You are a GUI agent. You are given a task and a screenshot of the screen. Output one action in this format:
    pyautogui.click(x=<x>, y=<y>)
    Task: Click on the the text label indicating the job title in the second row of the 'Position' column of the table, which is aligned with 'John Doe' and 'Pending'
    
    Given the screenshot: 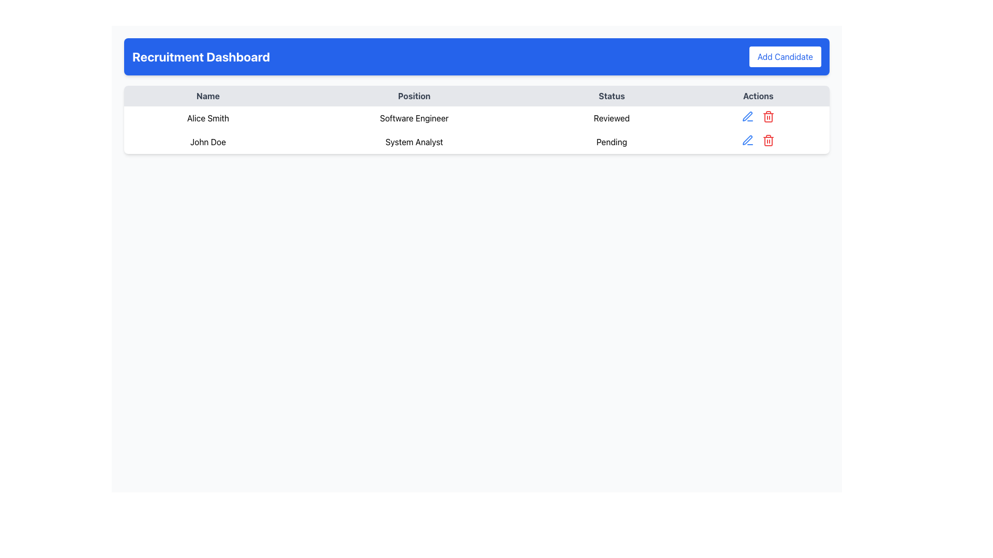 What is the action you would take?
    pyautogui.click(x=414, y=142)
    